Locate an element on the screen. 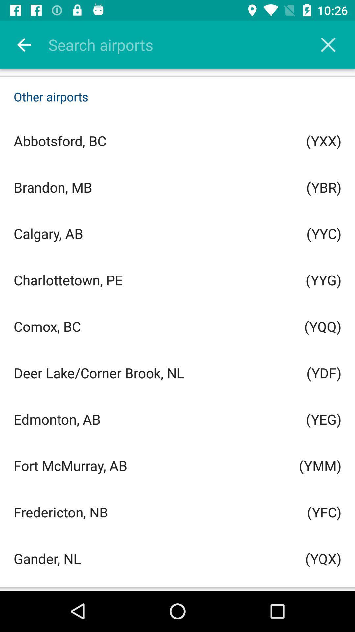 The width and height of the screenshot is (355, 632). search is located at coordinates (186, 44).